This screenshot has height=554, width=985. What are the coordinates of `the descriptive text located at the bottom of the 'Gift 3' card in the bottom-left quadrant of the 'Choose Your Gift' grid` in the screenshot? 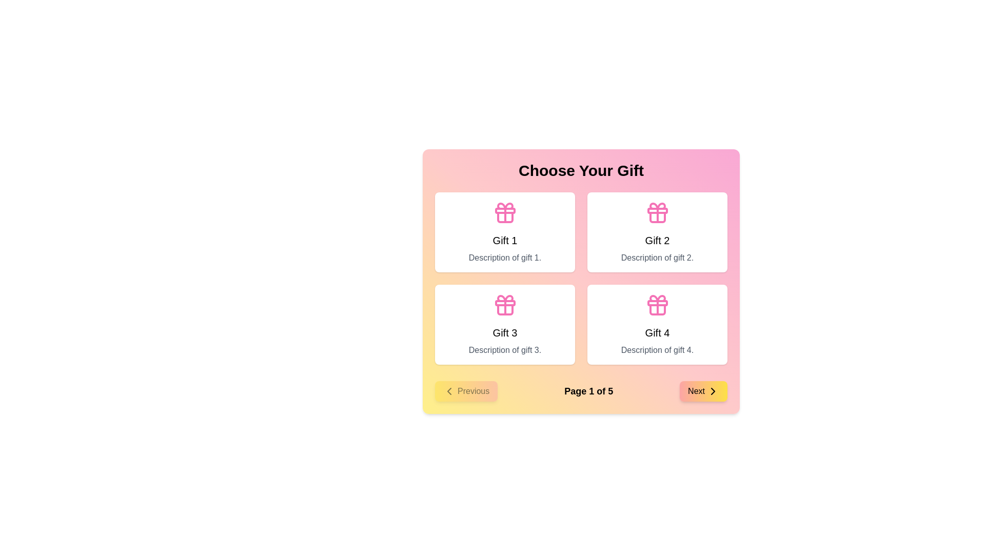 It's located at (505, 349).